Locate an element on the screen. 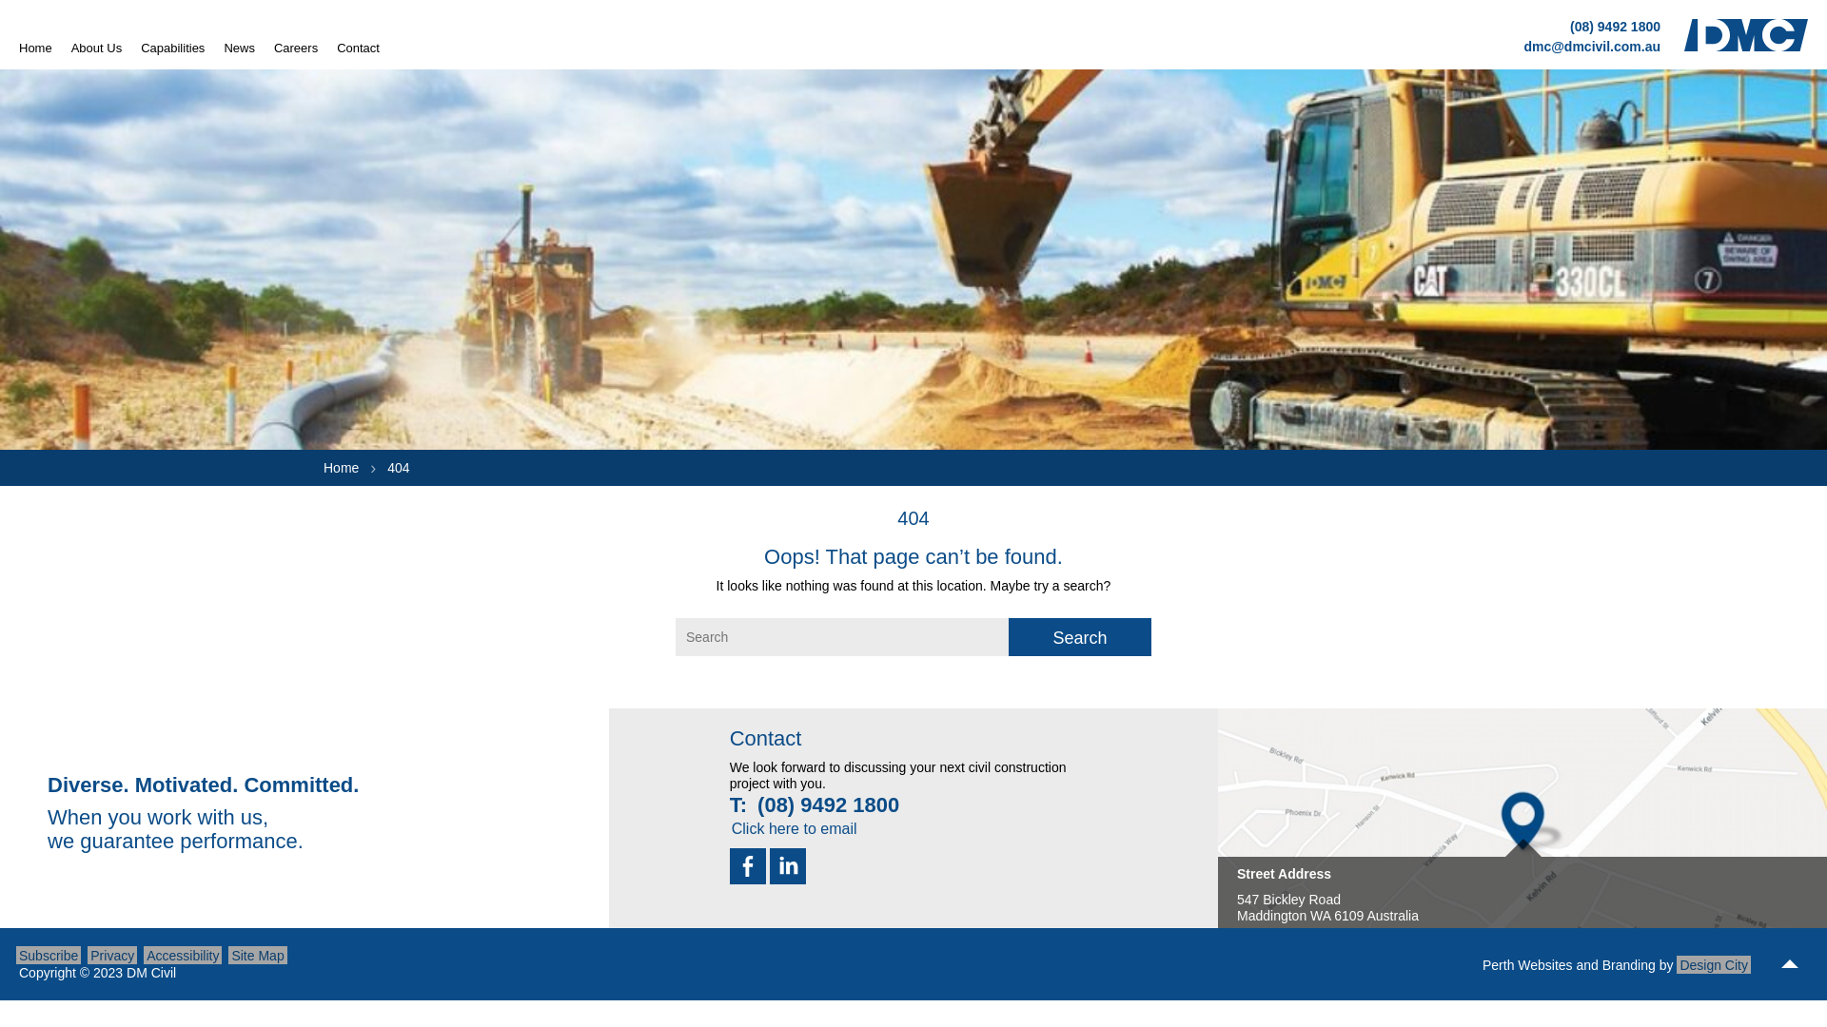 This screenshot has height=1027, width=1827. 'Search' is located at coordinates (1079, 637).